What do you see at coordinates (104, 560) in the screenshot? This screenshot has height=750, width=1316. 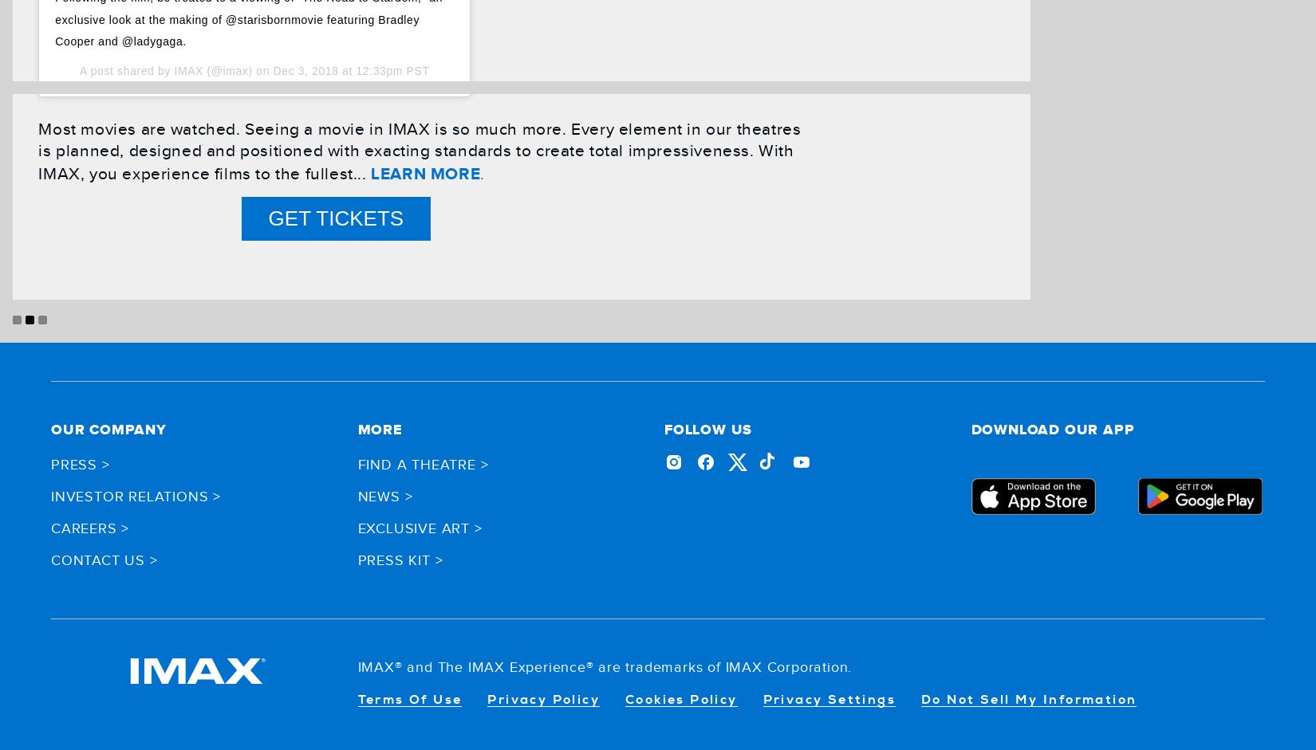 I see `'Contact Us >'` at bounding box center [104, 560].